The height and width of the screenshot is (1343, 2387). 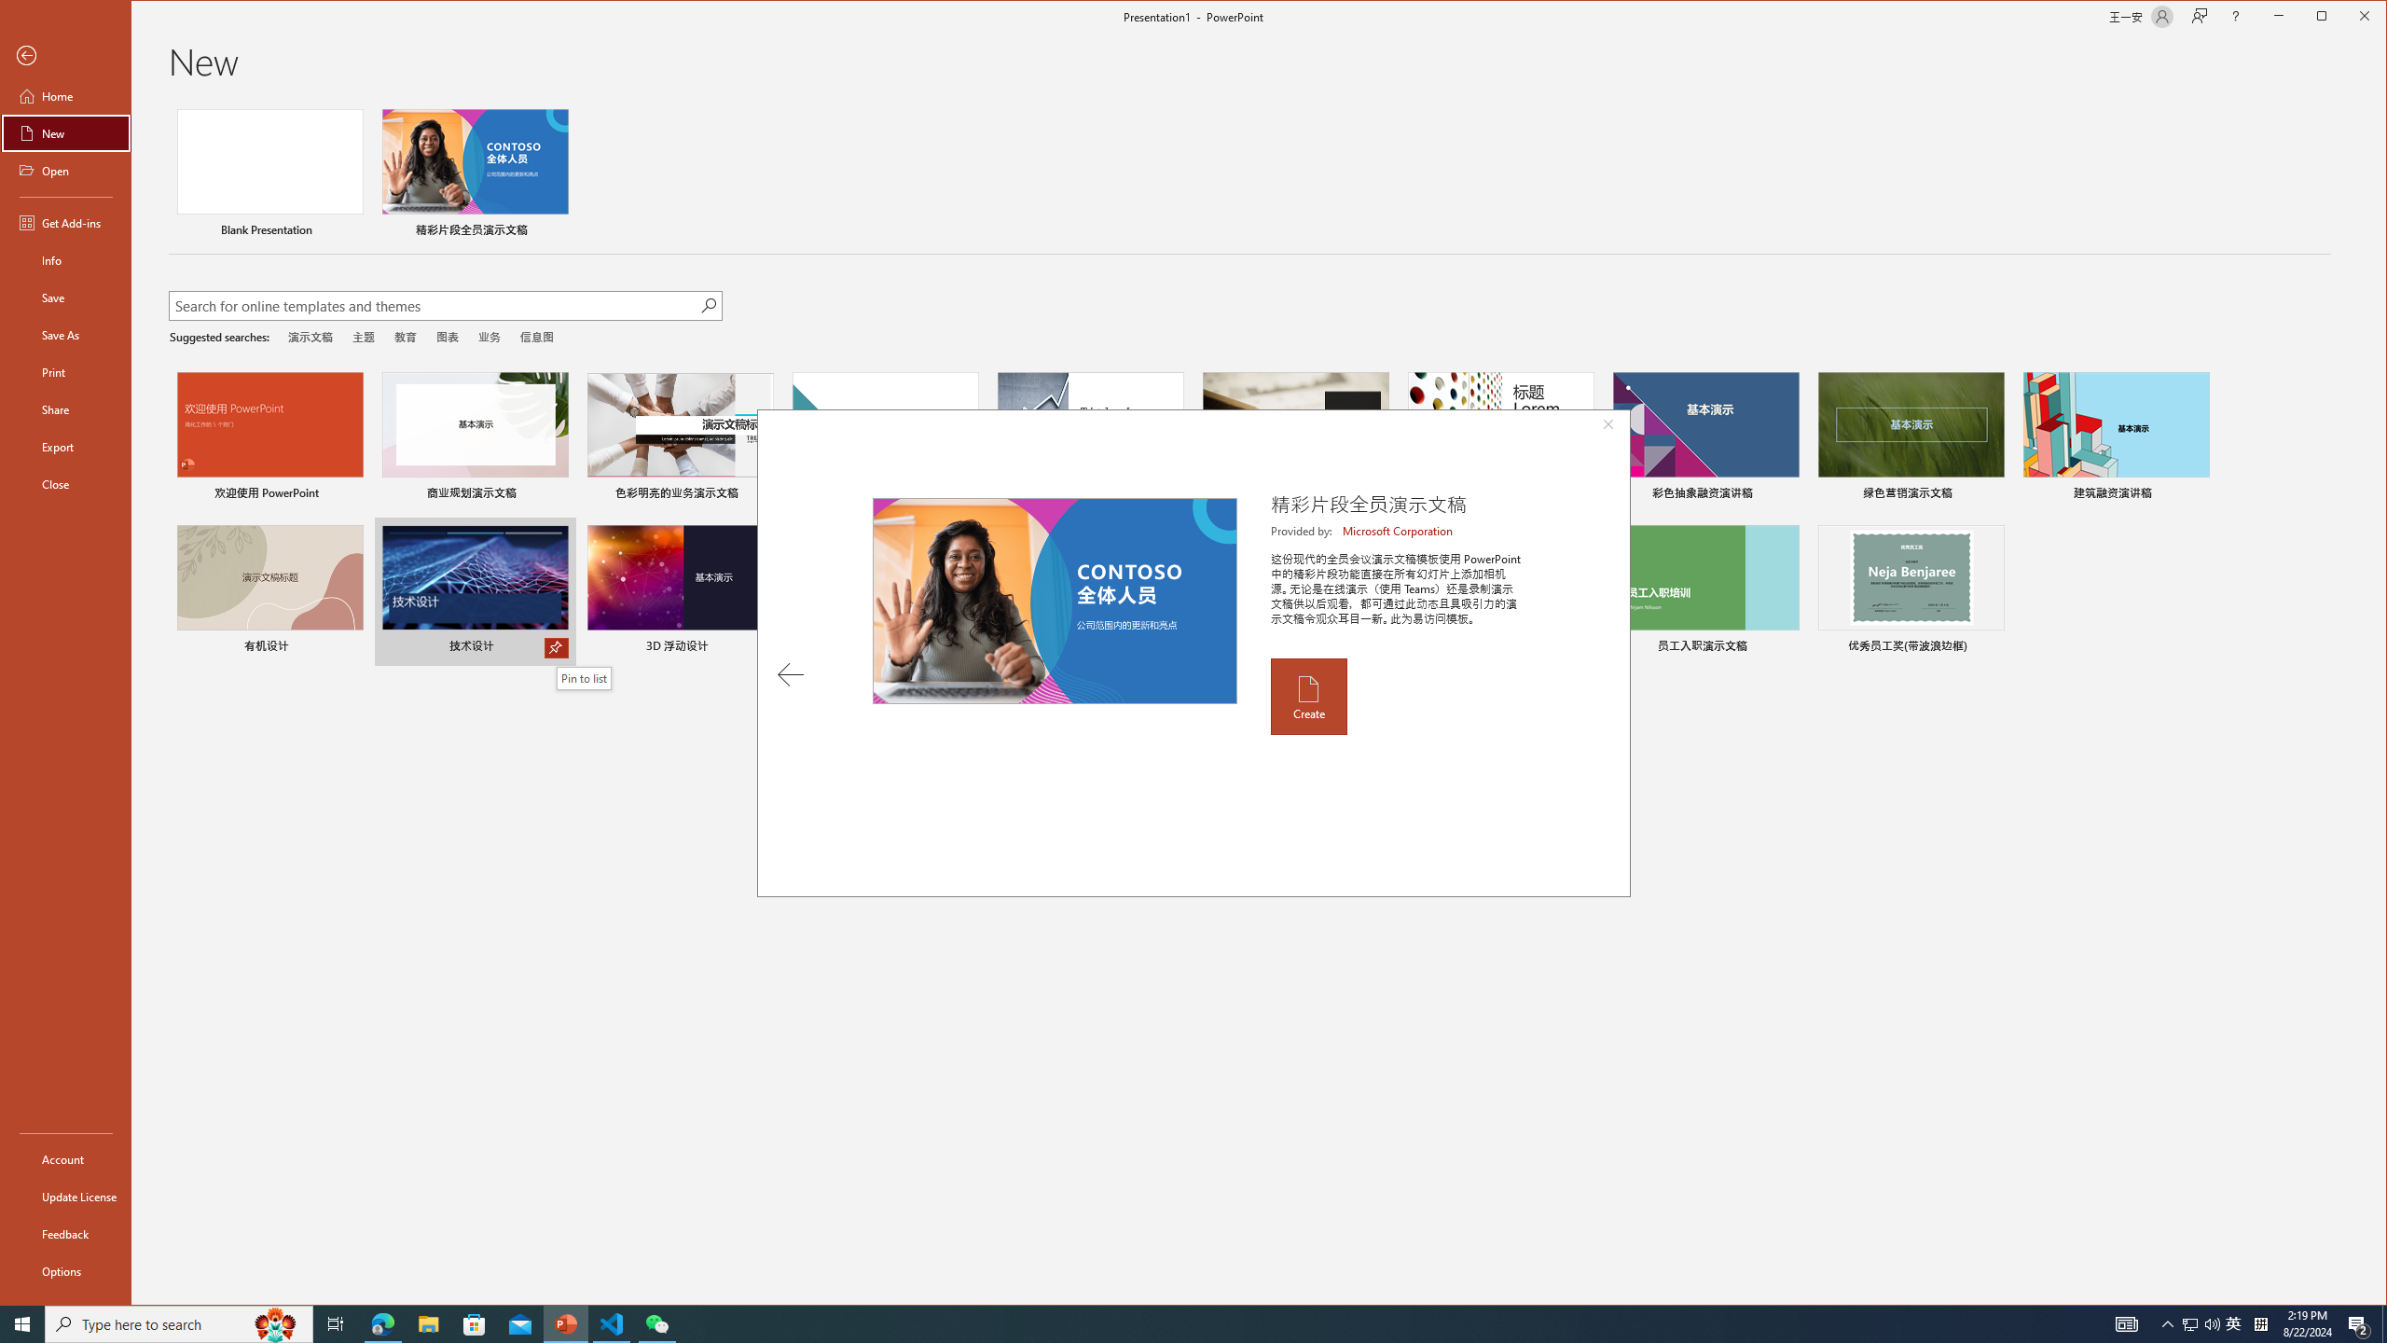 What do you see at coordinates (657, 1322) in the screenshot?
I see `'WeChat - 1 running window'` at bounding box center [657, 1322].